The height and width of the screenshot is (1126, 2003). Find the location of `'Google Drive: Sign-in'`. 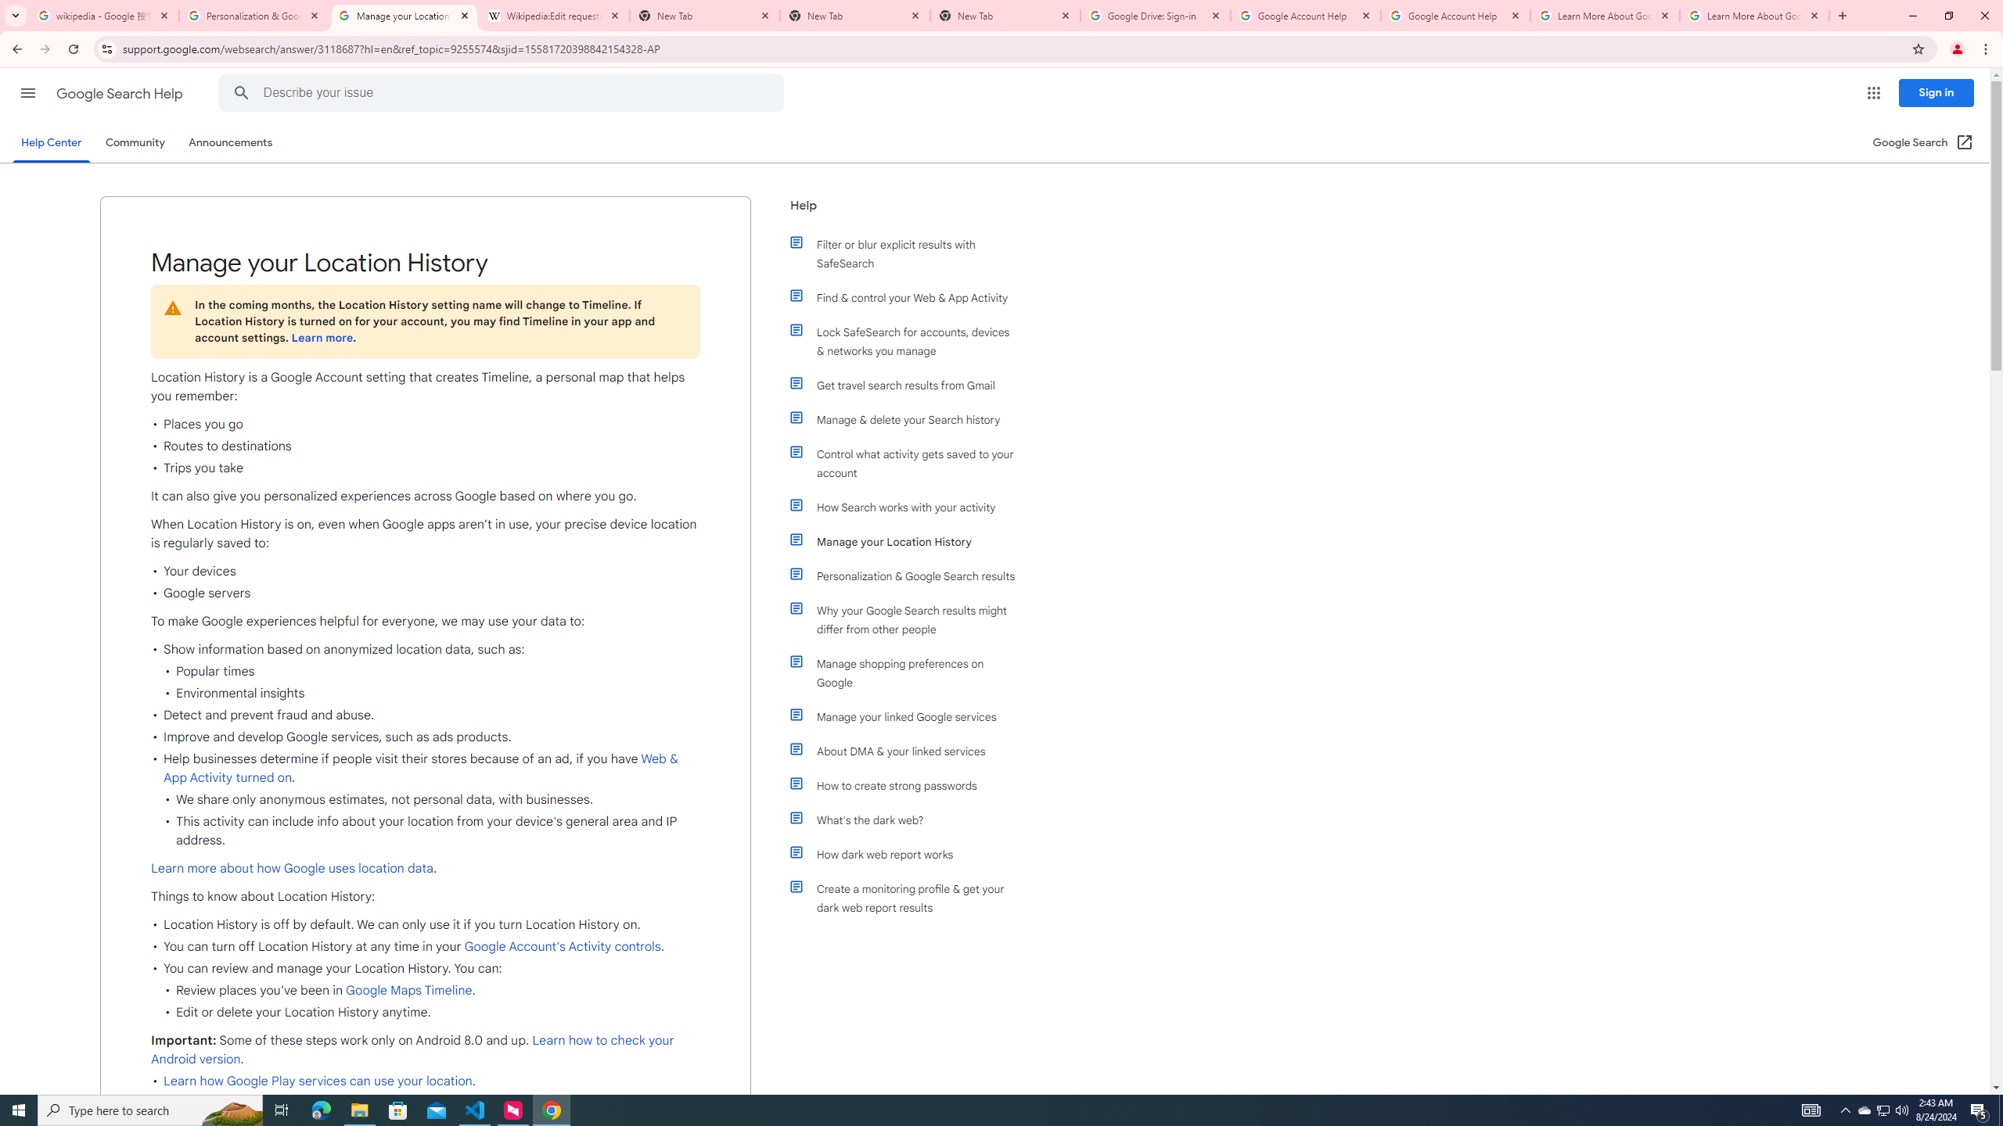

'Google Drive: Sign-in' is located at coordinates (1155, 15).